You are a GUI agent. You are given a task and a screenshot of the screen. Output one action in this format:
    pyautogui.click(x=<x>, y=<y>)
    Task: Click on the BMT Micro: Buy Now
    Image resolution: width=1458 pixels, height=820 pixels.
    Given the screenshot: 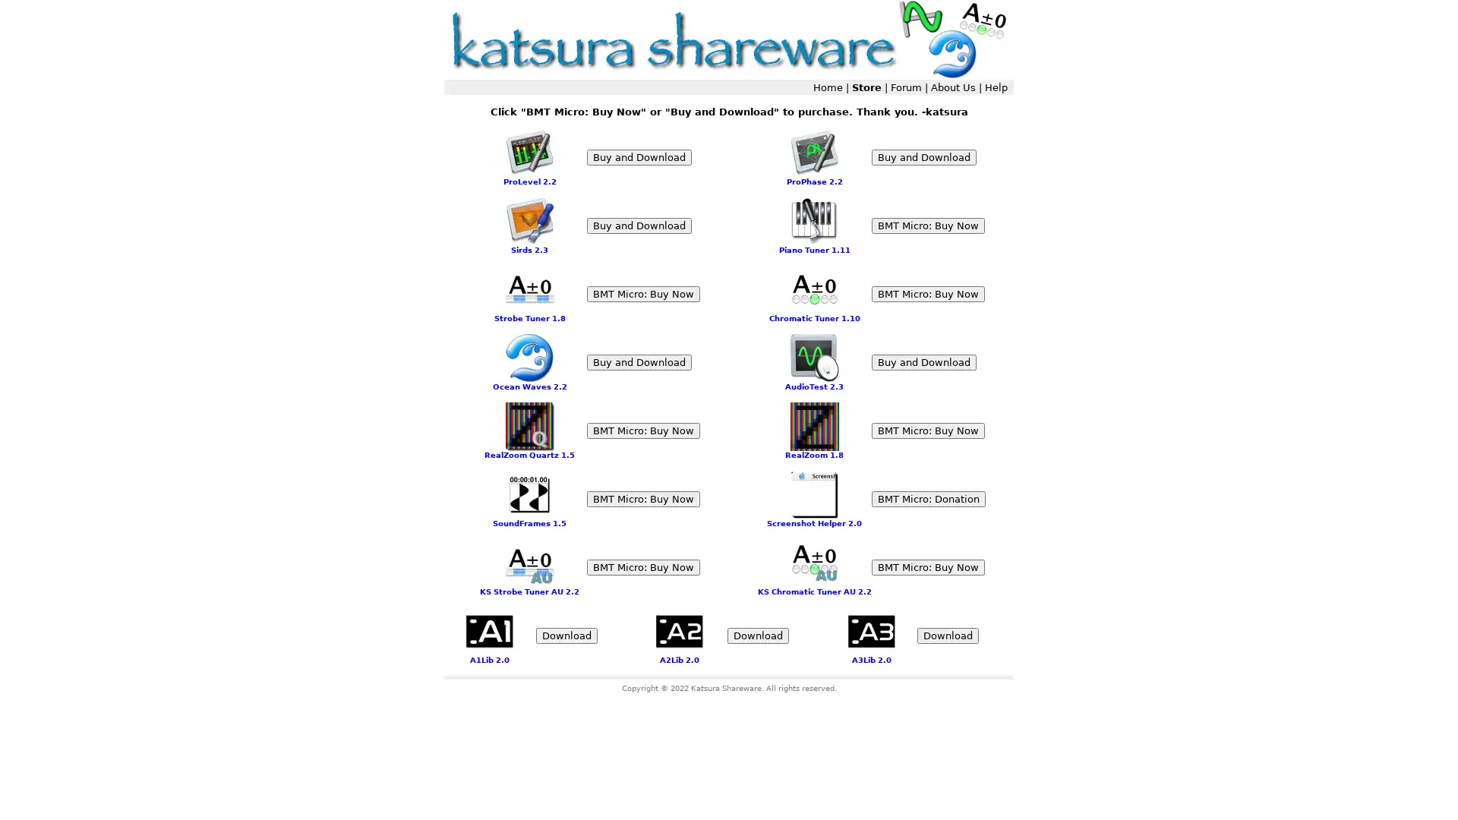 What is the action you would take?
    pyautogui.click(x=642, y=499)
    